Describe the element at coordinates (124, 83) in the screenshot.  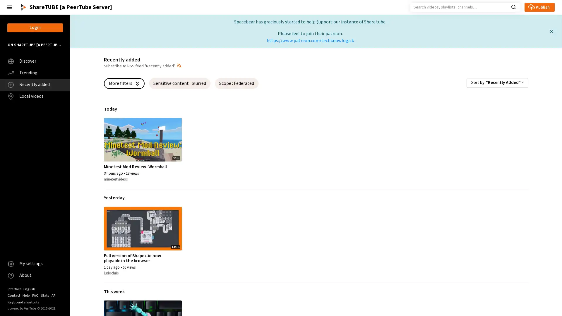
I see `More filters` at that location.